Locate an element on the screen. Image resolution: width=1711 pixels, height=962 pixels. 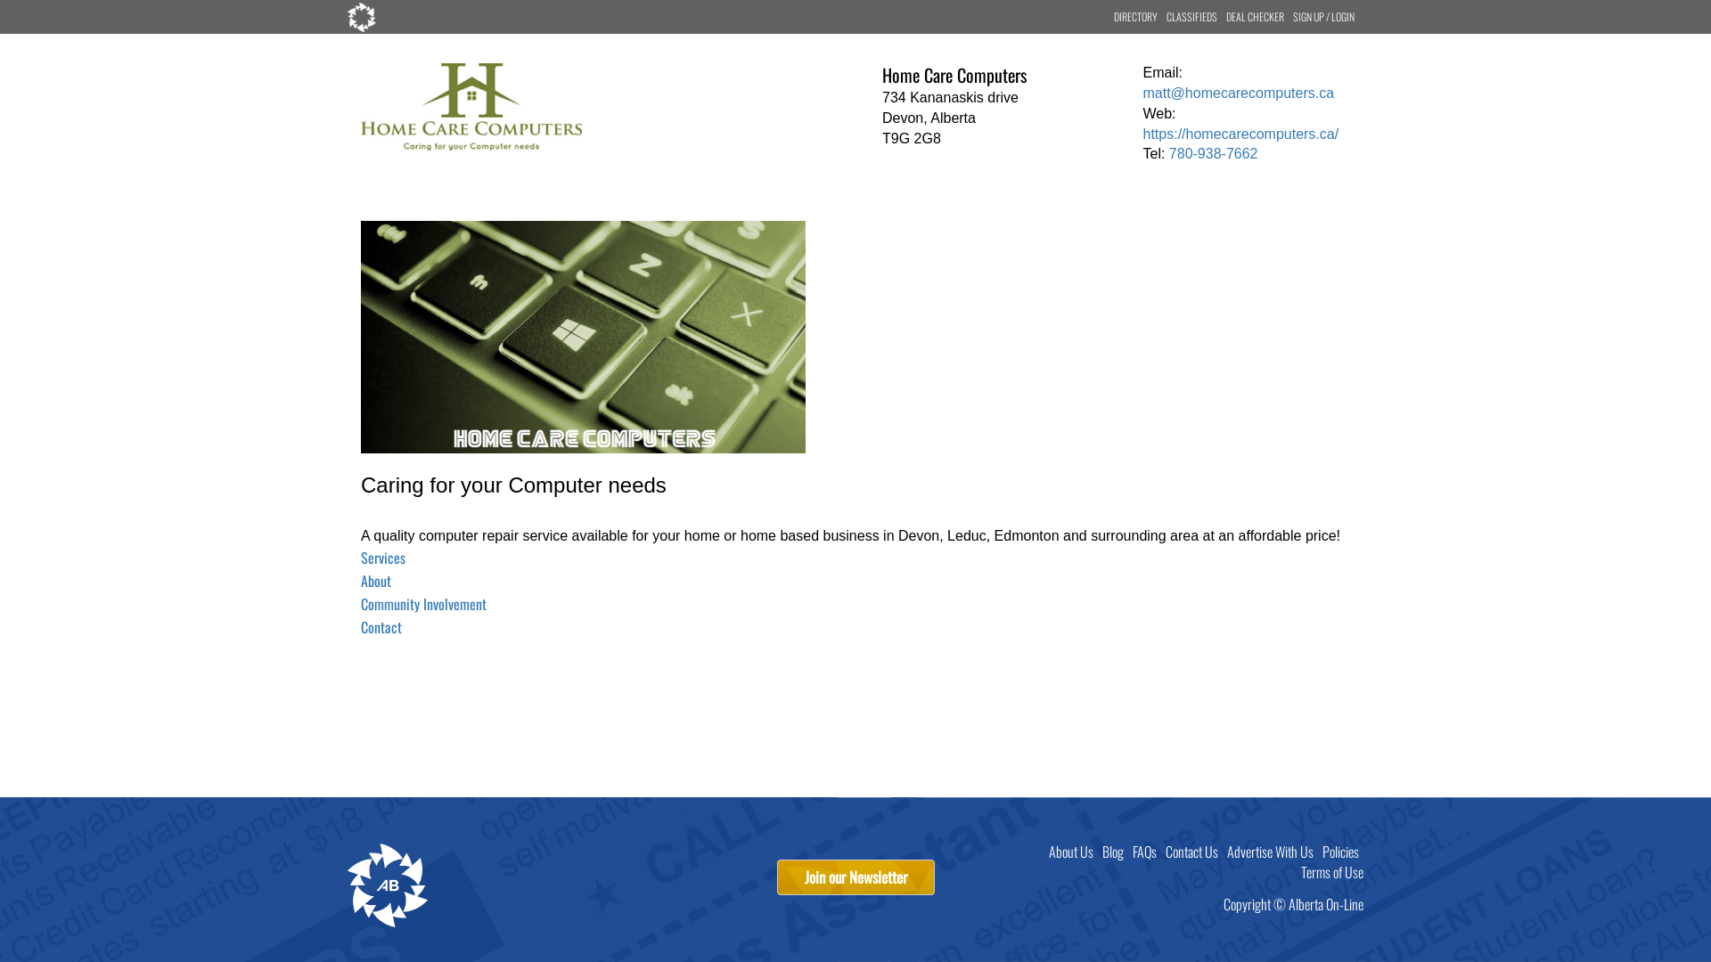
'SIGN UP / LOGIN' is located at coordinates (1323, 16).